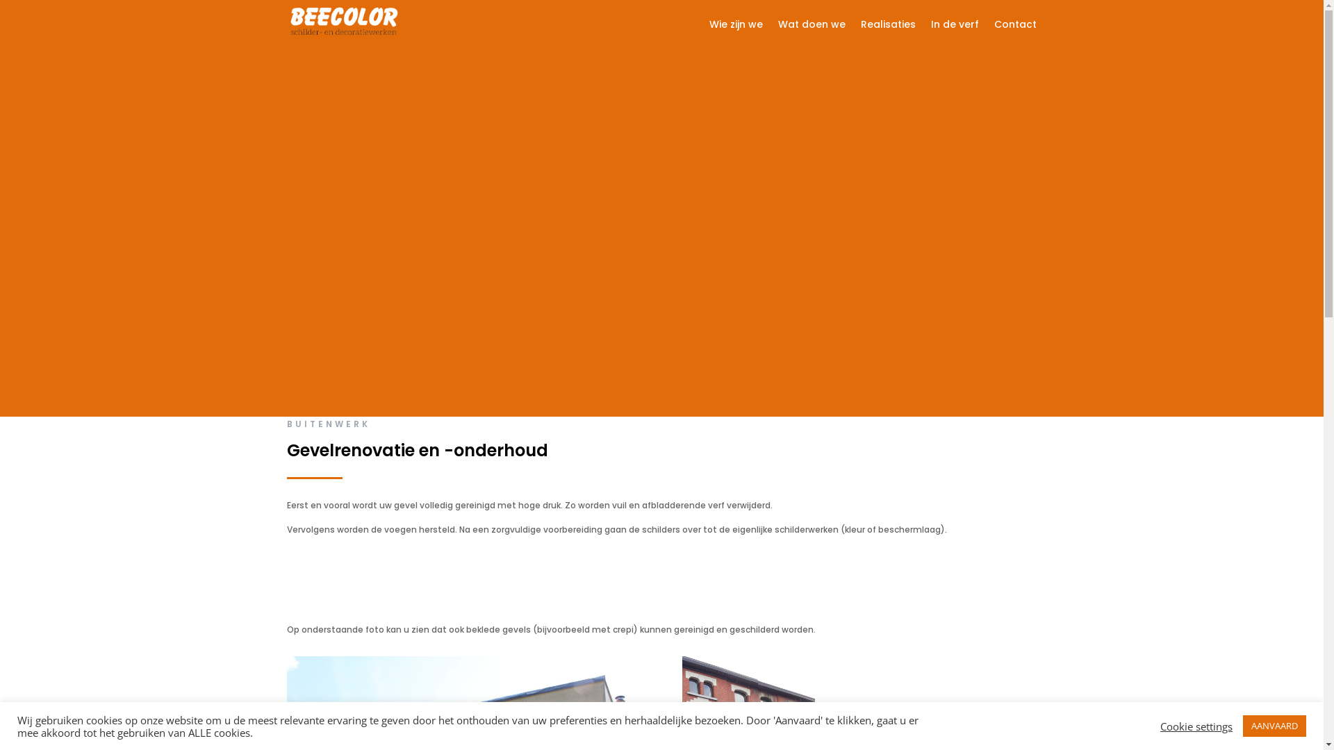  Describe the element at coordinates (1274, 725) in the screenshot. I see `'AANVAARD'` at that location.